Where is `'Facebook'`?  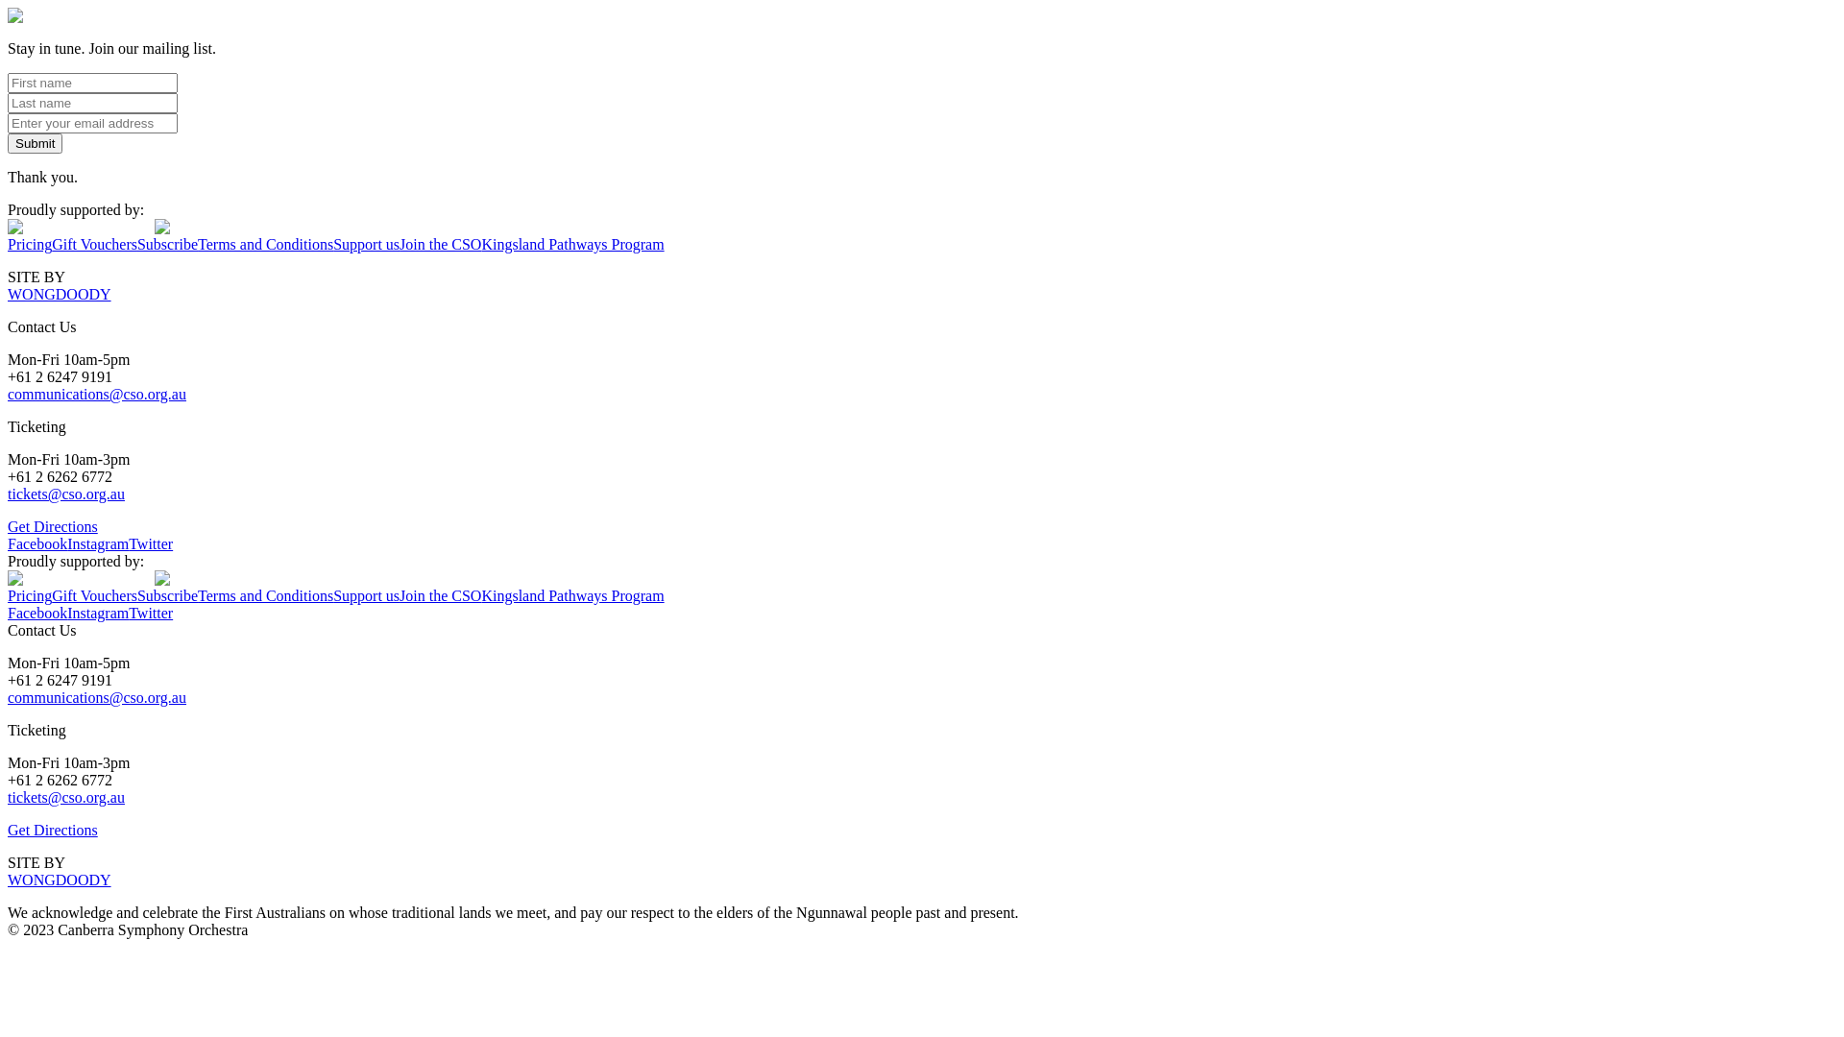
'Facebook' is located at coordinates (8, 613).